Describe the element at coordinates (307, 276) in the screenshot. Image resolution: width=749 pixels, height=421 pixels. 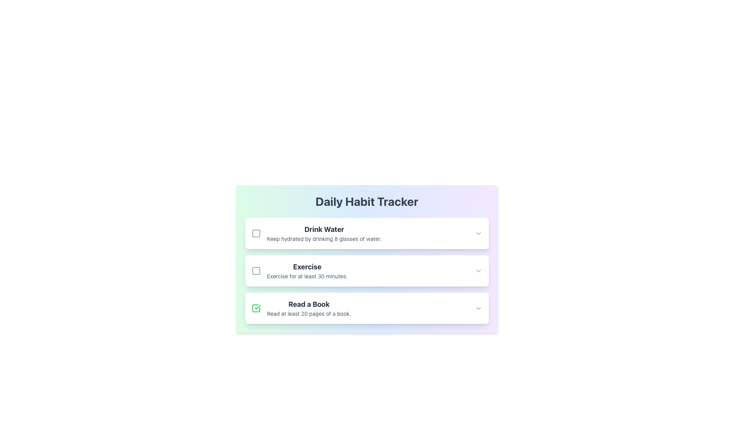
I see `text element that states 'Exercise for at least 30 minutes.', which is located beneath the bold heading 'Exercise' in the middle card of the 'Daily Habit Tracker'` at that location.